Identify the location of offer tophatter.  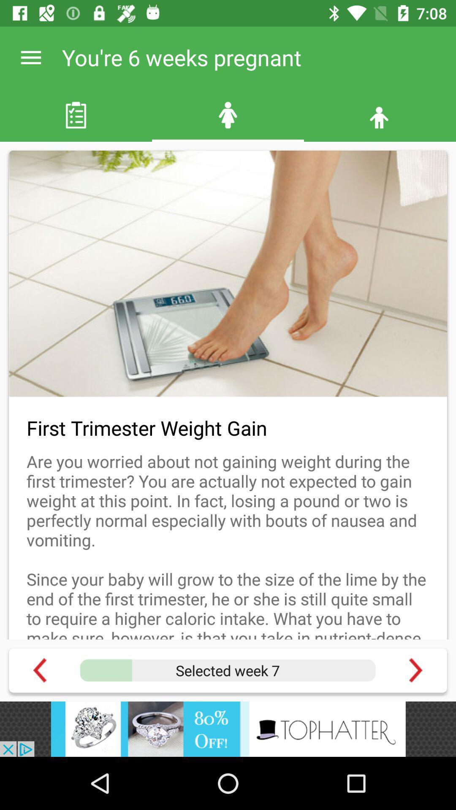
(228, 729).